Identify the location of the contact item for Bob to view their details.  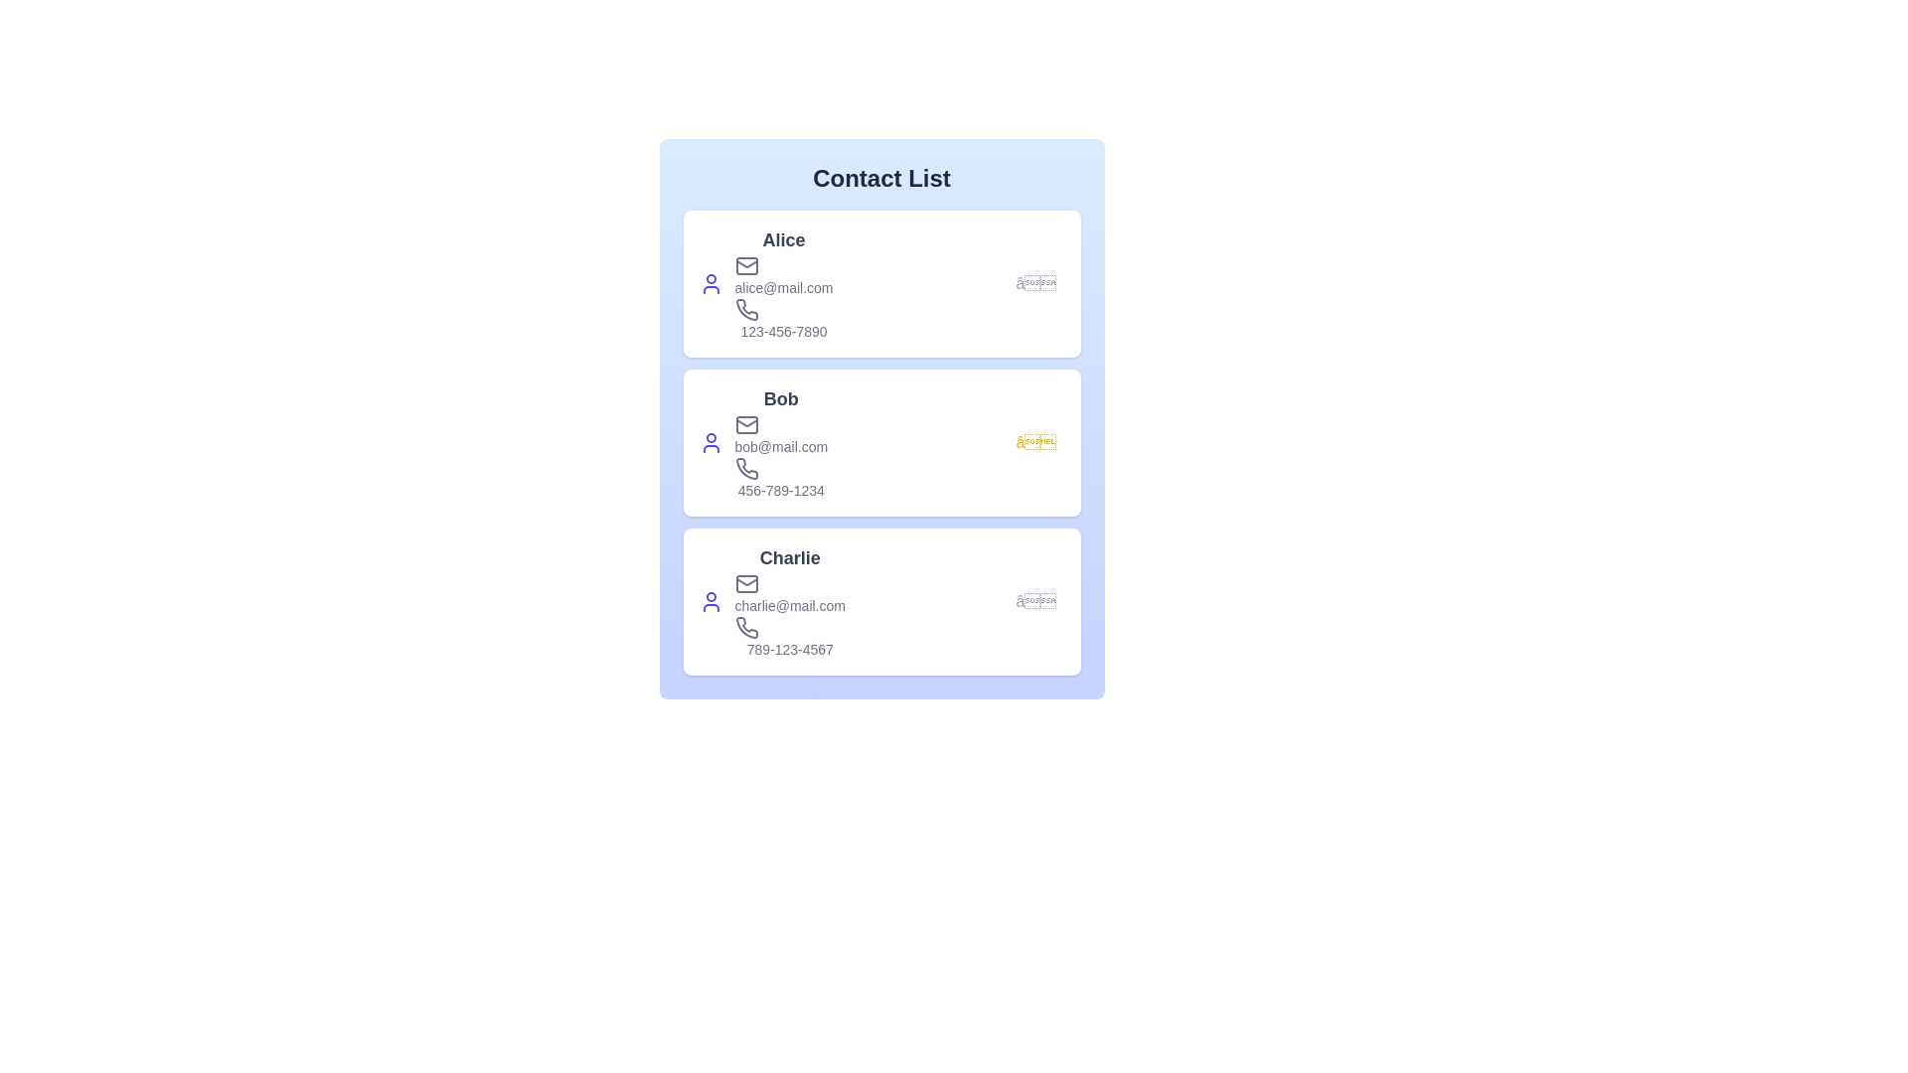
(880, 442).